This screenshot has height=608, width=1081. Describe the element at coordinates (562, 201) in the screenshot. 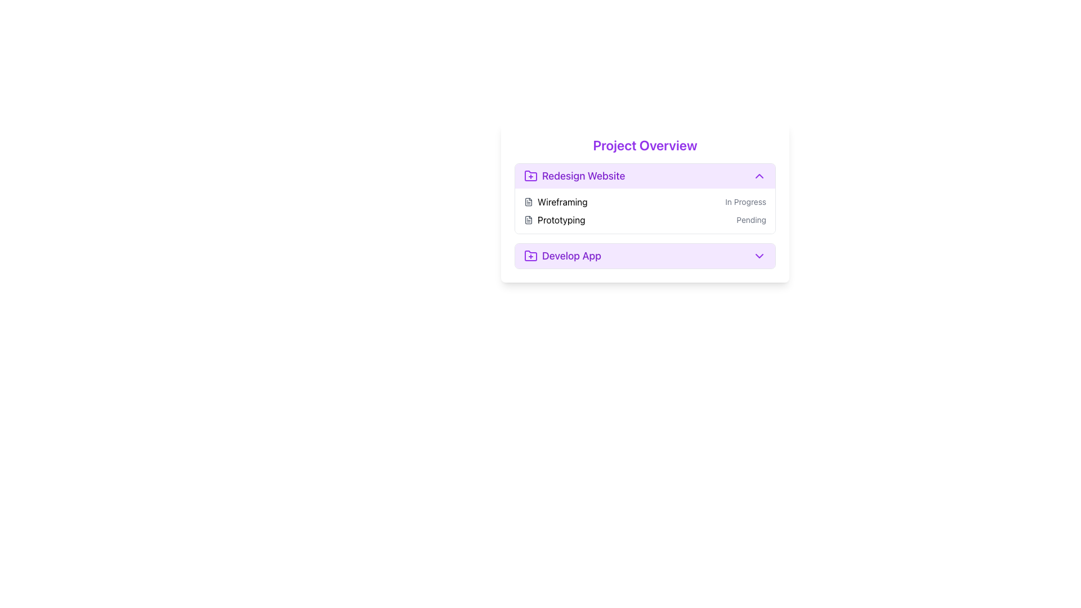

I see `the text label that reads 'Wireframing', which is centrally located in the 'Redesign Website' section, positioned between a file icon and project status information` at that location.